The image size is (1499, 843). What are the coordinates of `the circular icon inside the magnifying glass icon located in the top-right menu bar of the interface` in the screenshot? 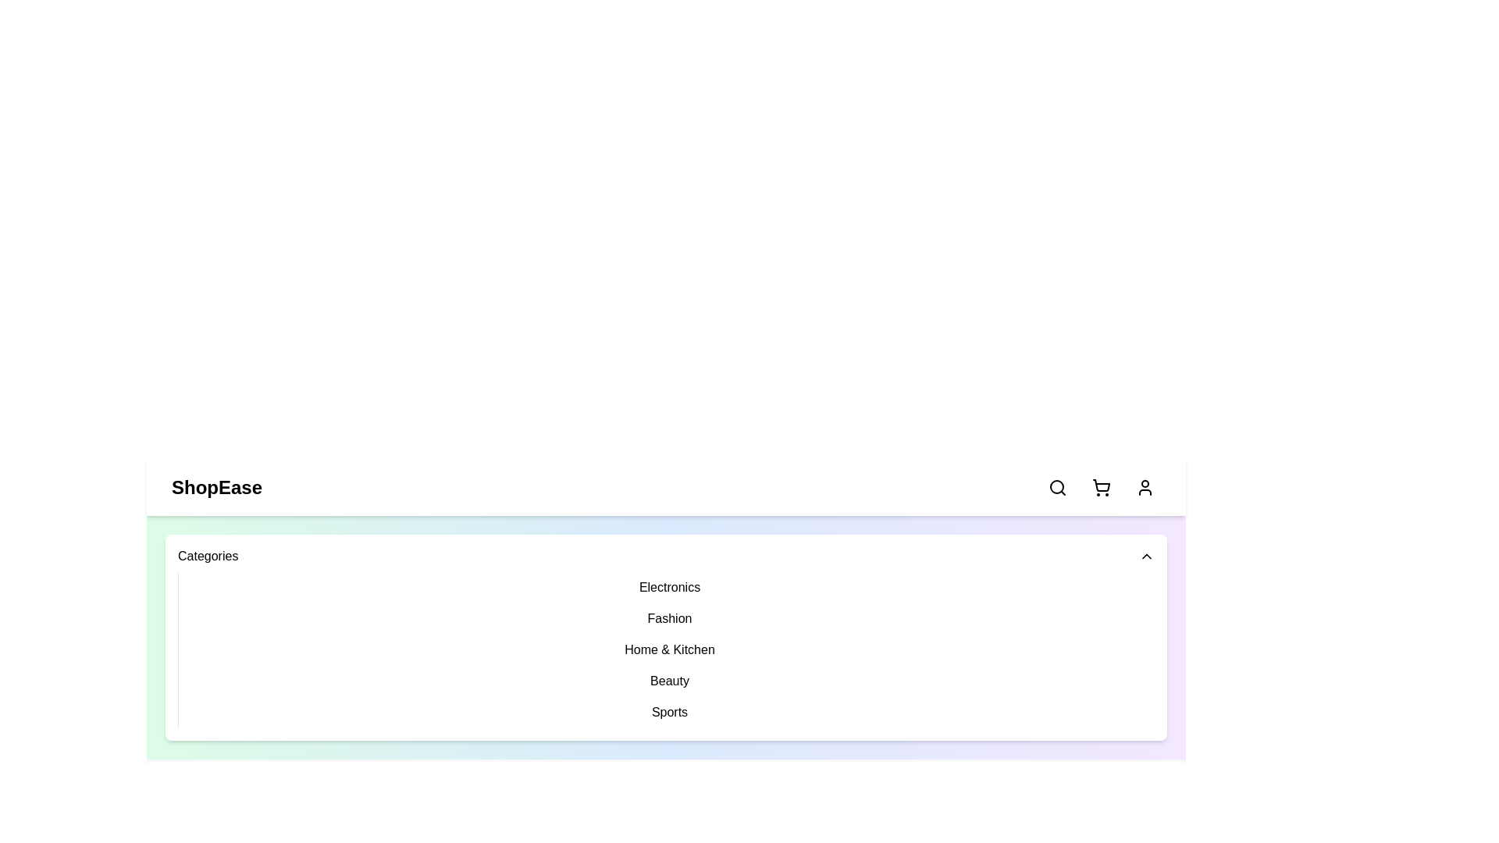 It's located at (1056, 486).